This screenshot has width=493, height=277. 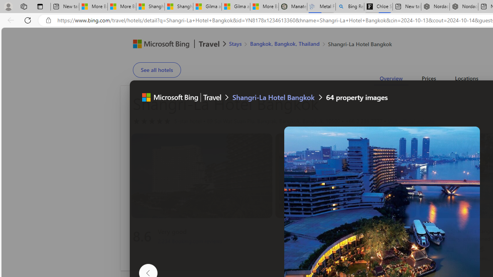 What do you see at coordinates (349, 7) in the screenshot?
I see `'Bing Real Estate - Home sales and rental listings'` at bounding box center [349, 7].